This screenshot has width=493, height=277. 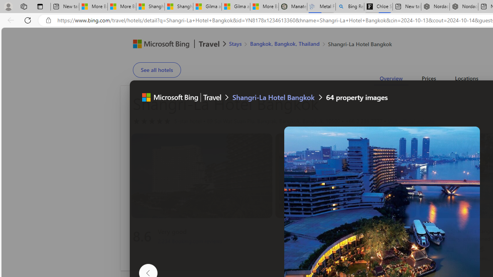 What do you see at coordinates (349, 7) in the screenshot?
I see `'Bing Real Estate - Home sales and rental listings'` at bounding box center [349, 7].